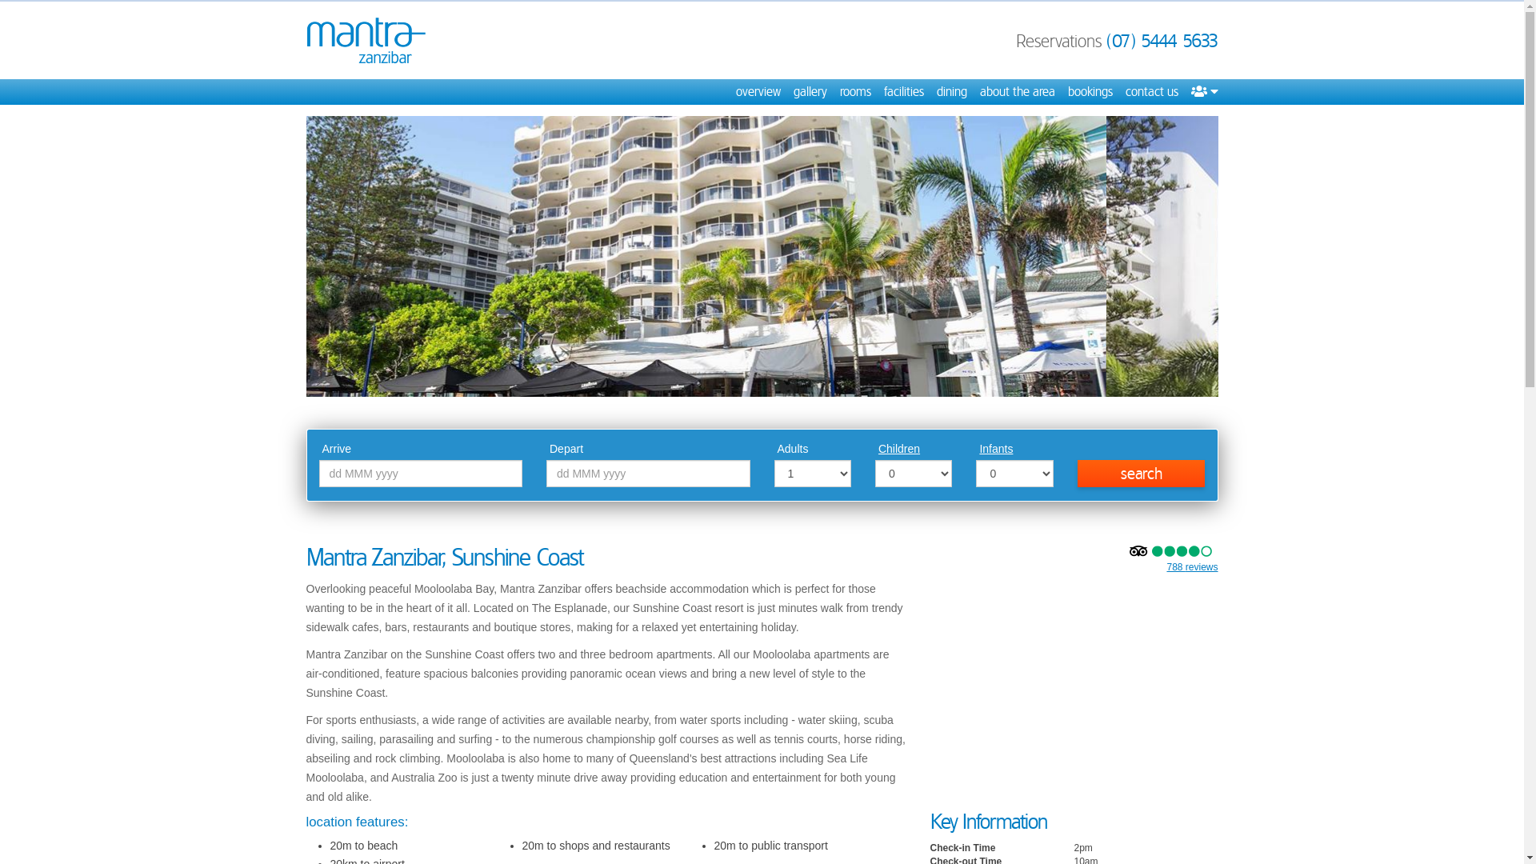 The width and height of the screenshot is (1536, 864). What do you see at coordinates (902, 92) in the screenshot?
I see `'facilities'` at bounding box center [902, 92].